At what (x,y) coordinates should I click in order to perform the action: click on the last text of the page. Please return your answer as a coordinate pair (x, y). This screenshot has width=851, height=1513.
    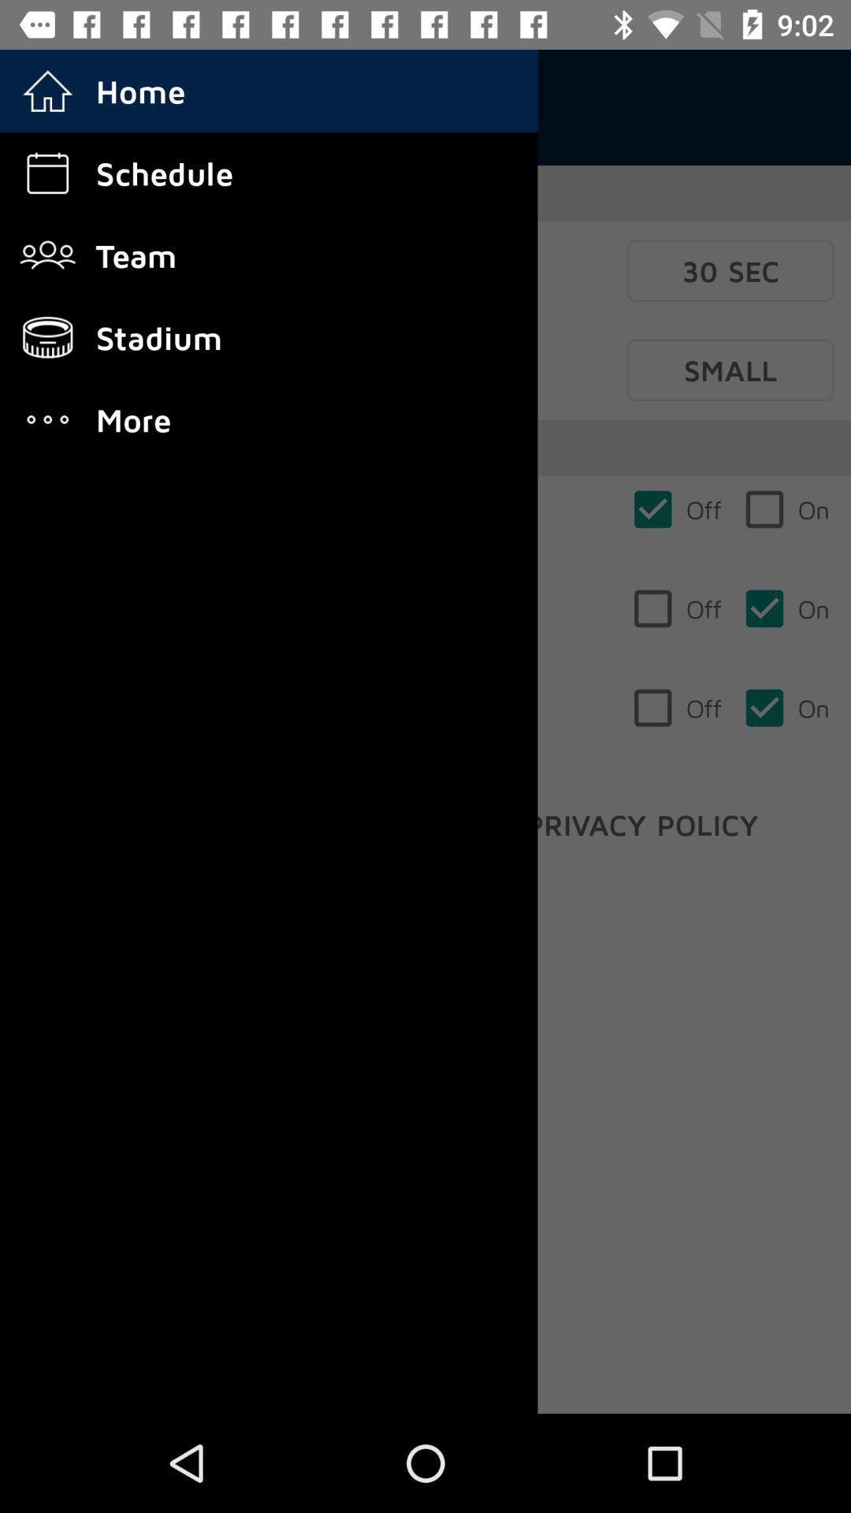
    Looking at the image, I should click on (642, 823).